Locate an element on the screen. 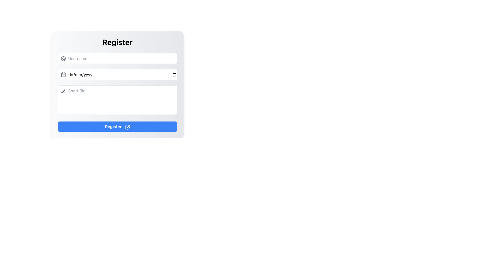  the confirmation icon located at the far right side of the 'Register' button, which serves as a success indicator is located at coordinates (127, 127).